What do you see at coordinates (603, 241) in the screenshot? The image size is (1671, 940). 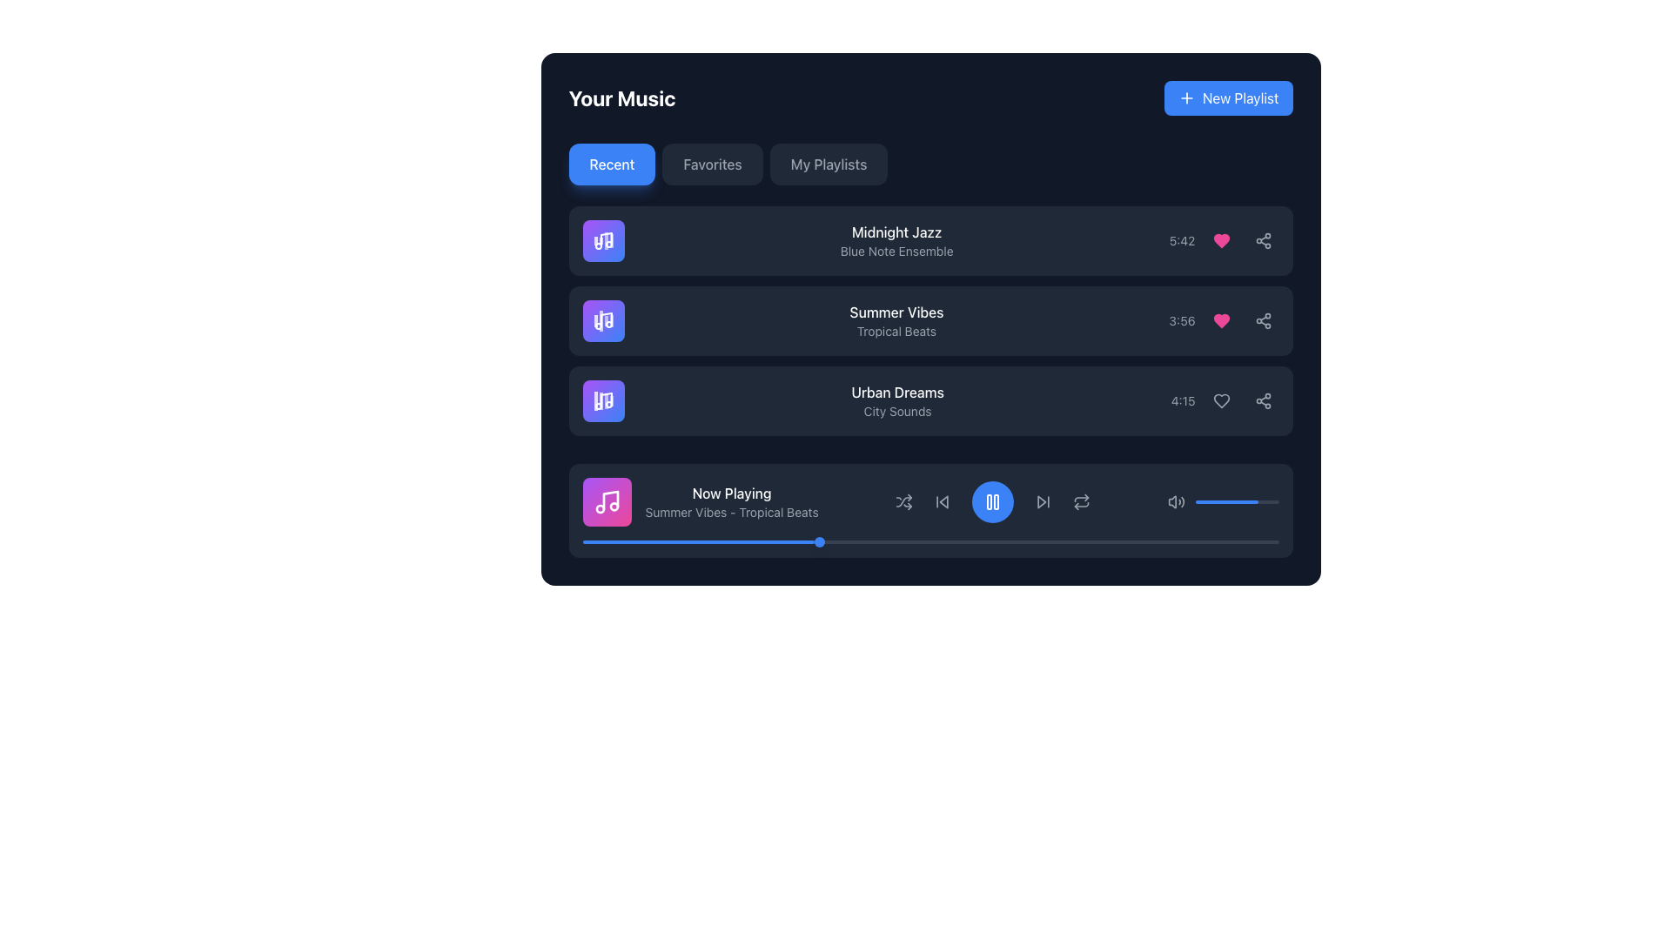 I see `the icon button representing the artwork for the 'Midnight Jazz' music track` at bounding box center [603, 241].